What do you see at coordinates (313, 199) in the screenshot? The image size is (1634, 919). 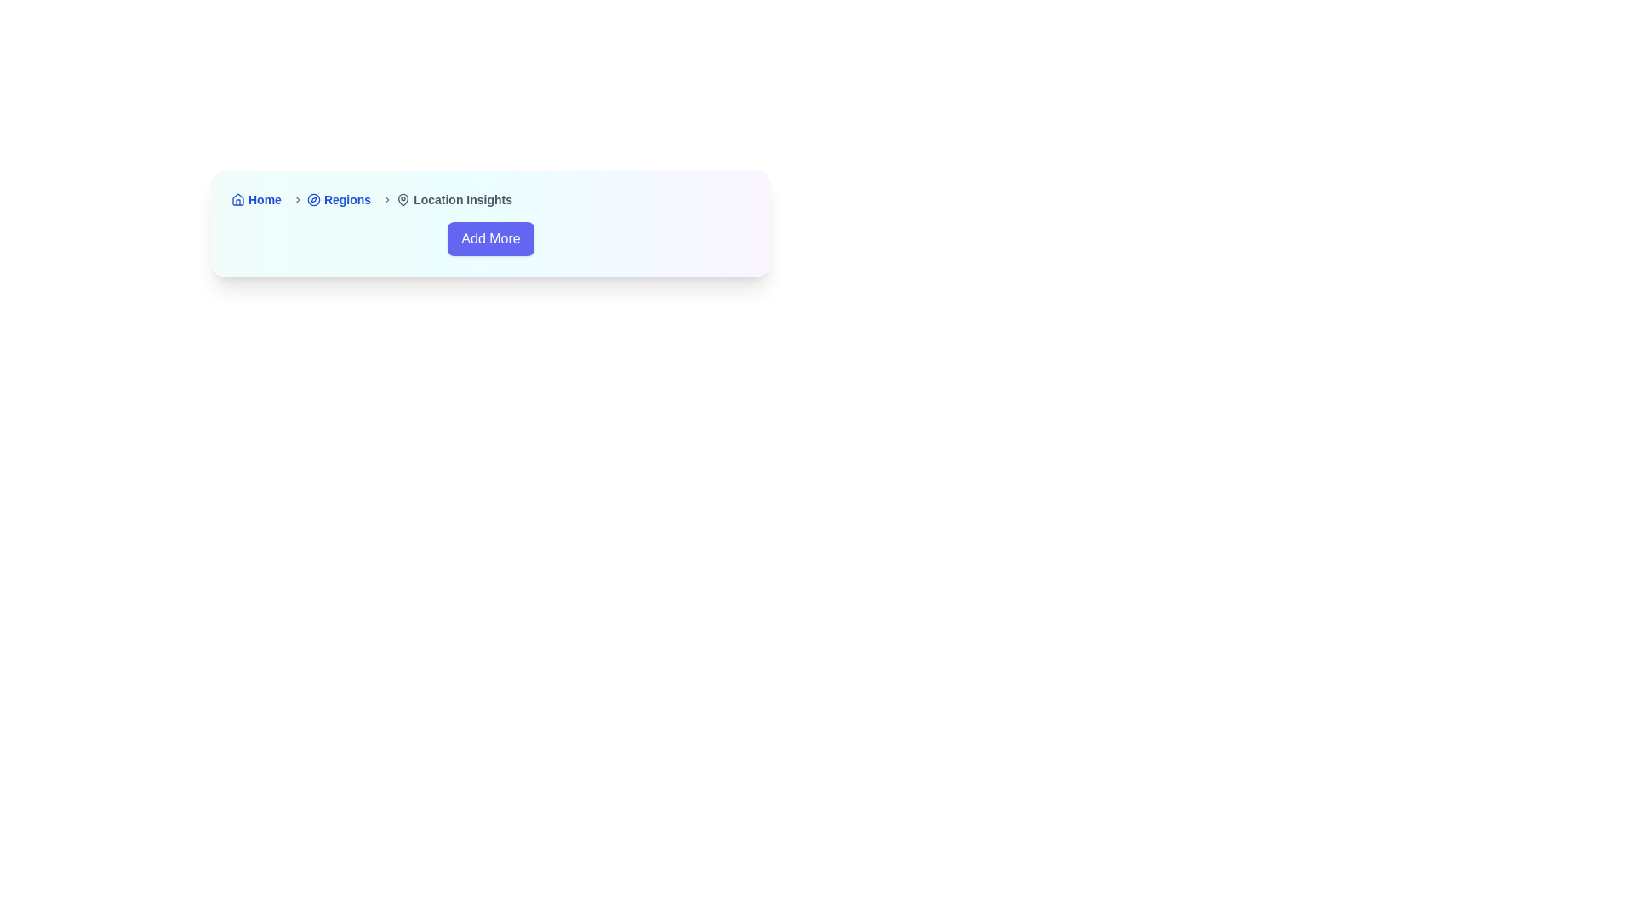 I see `the navigation icon located between the 'Regions' and 'Location Insights' labels in the breadcrumb navigation` at bounding box center [313, 199].